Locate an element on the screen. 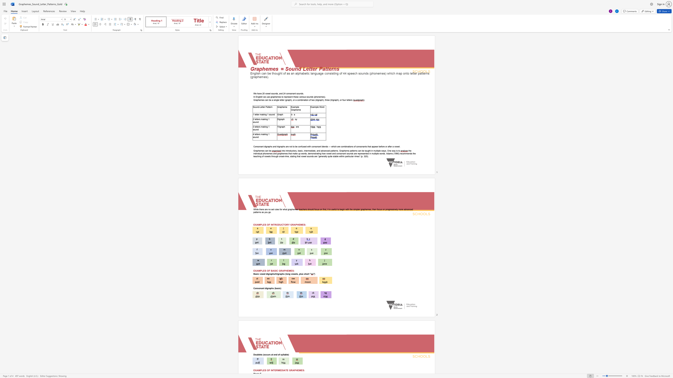  the subset text "ph" within the text "Example Grapheme" is located at coordinates (294, 109).